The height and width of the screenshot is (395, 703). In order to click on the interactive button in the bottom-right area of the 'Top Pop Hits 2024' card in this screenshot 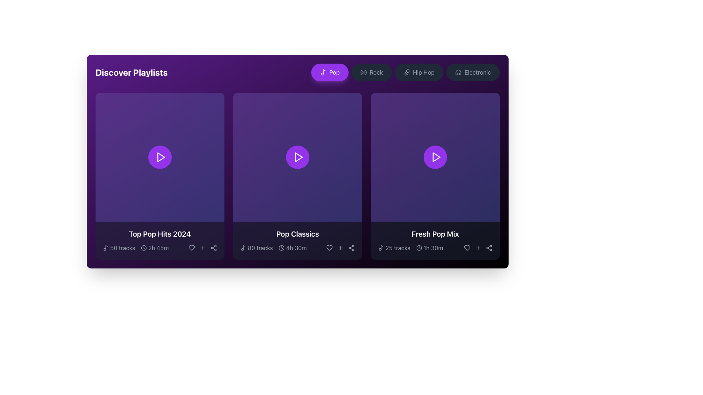, I will do `click(202, 248)`.